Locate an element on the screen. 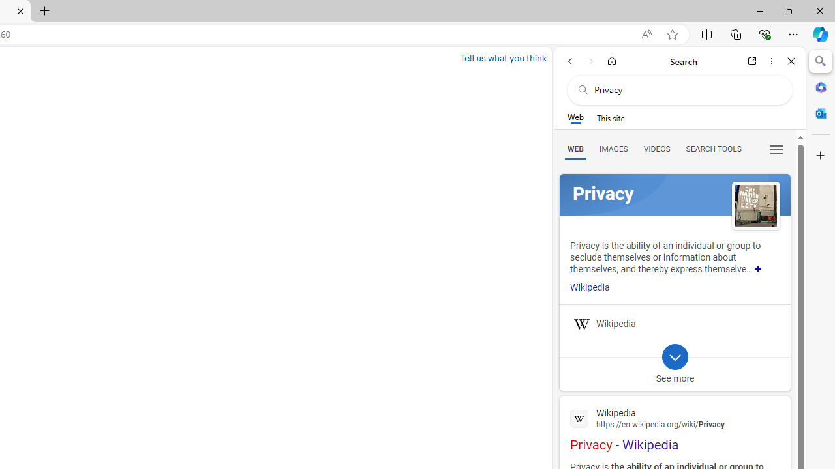 The image size is (835, 469). 'Global web icon' is located at coordinates (579, 418).